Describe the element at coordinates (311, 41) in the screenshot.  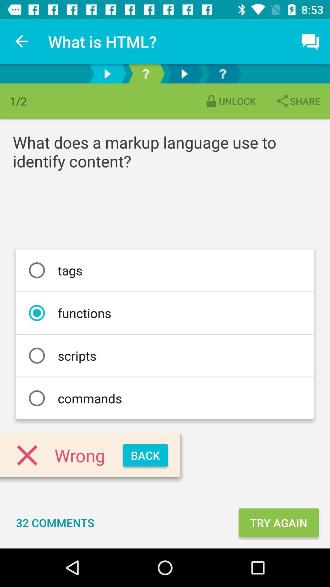
I see `icon above the share` at that location.